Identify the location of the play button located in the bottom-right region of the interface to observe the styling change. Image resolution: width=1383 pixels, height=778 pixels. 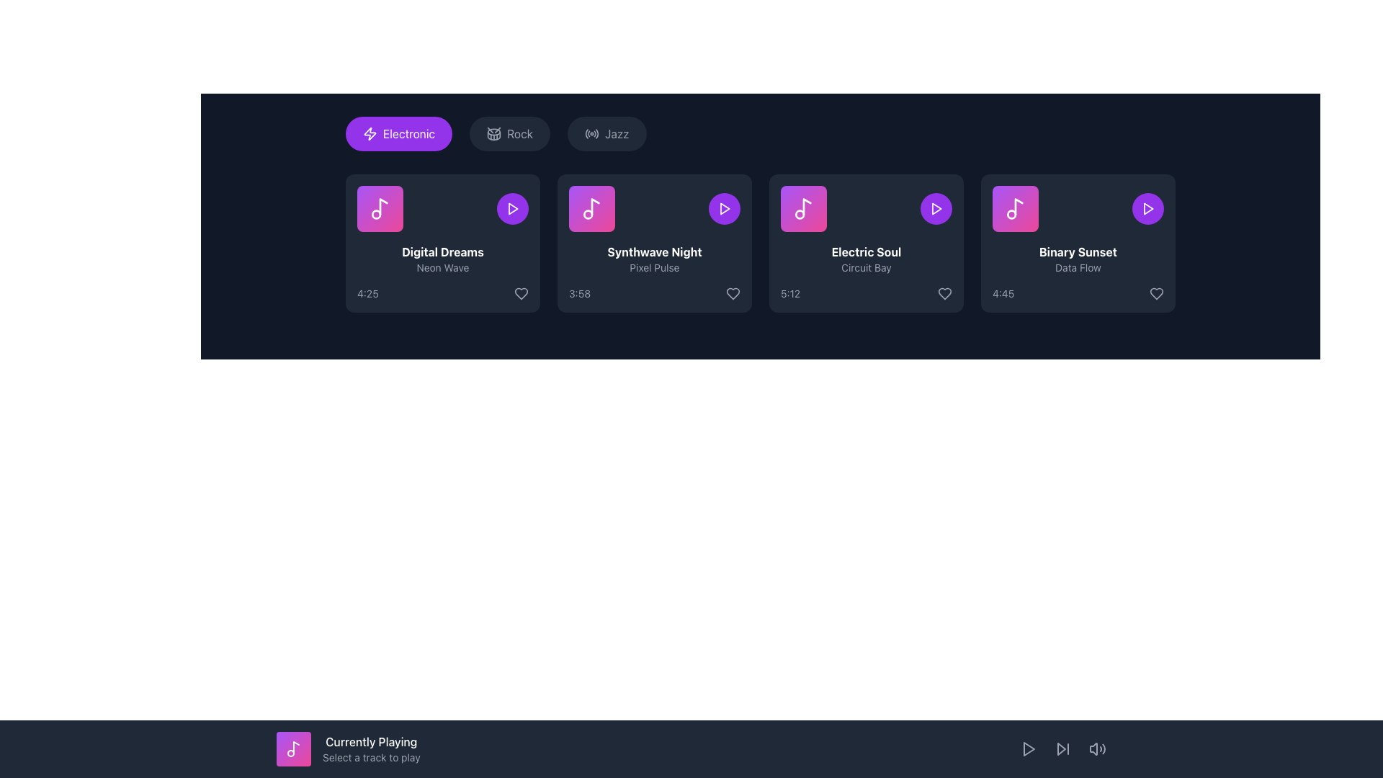
(1028, 748).